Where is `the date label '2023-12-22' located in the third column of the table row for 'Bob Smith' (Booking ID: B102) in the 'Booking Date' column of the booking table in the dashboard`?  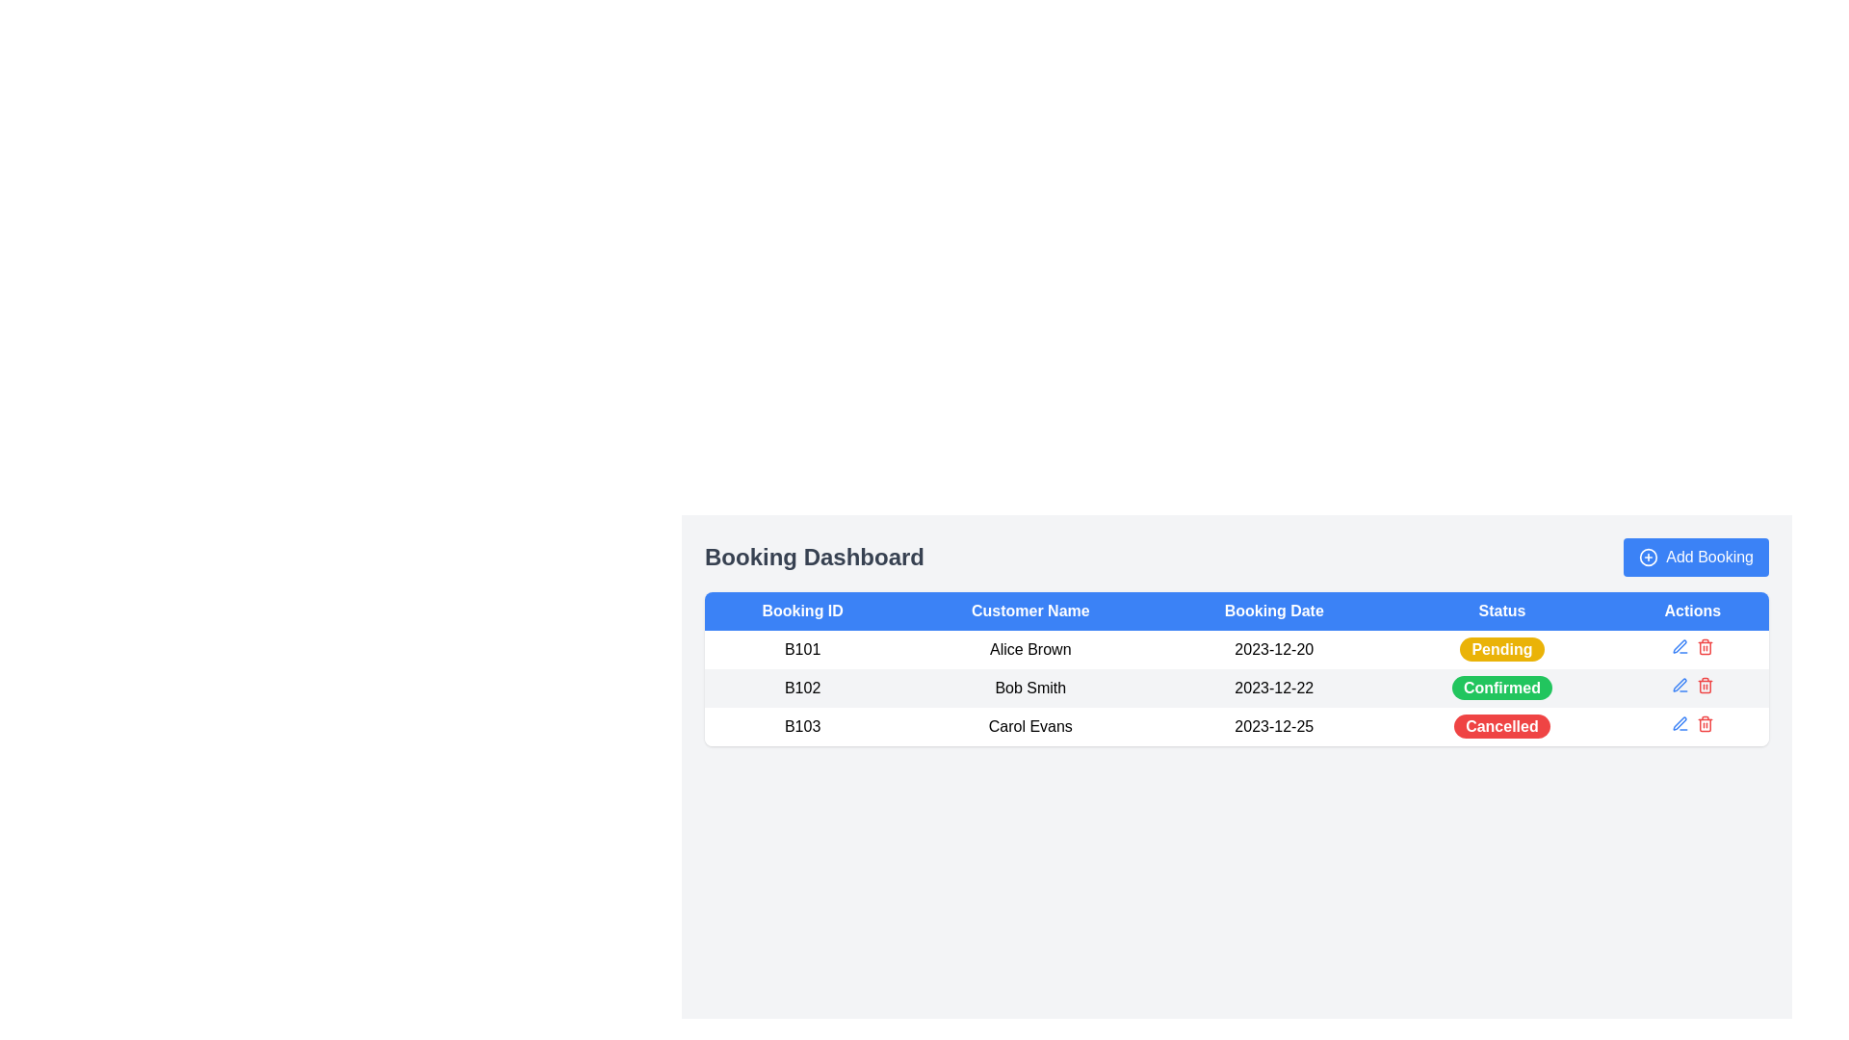
the date label '2023-12-22' located in the third column of the table row for 'Bob Smith' (Booking ID: B102) in the 'Booking Date' column of the booking table in the dashboard is located at coordinates (1274, 687).